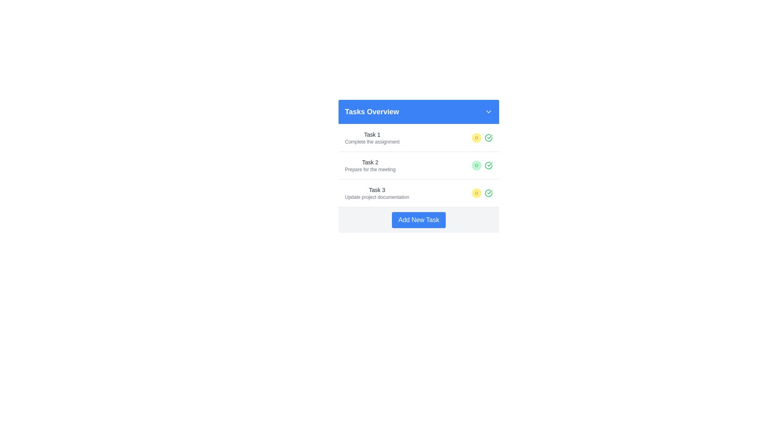 This screenshot has height=433, width=771. What do you see at coordinates (418, 193) in the screenshot?
I see `the composite task display component that shows 'Task 3' with the description 'Update project documentation' and a status indicator 'pending'` at bounding box center [418, 193].